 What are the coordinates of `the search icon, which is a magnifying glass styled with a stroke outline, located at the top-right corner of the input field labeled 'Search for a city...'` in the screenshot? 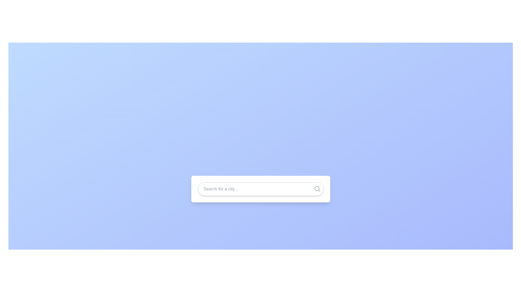 It's located at (317, 188).